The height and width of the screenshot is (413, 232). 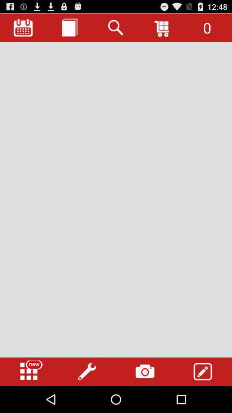 What do you see at coordinates (23, 28) in the screenshot?
I see `calendar` at bounding box center [23, 28].